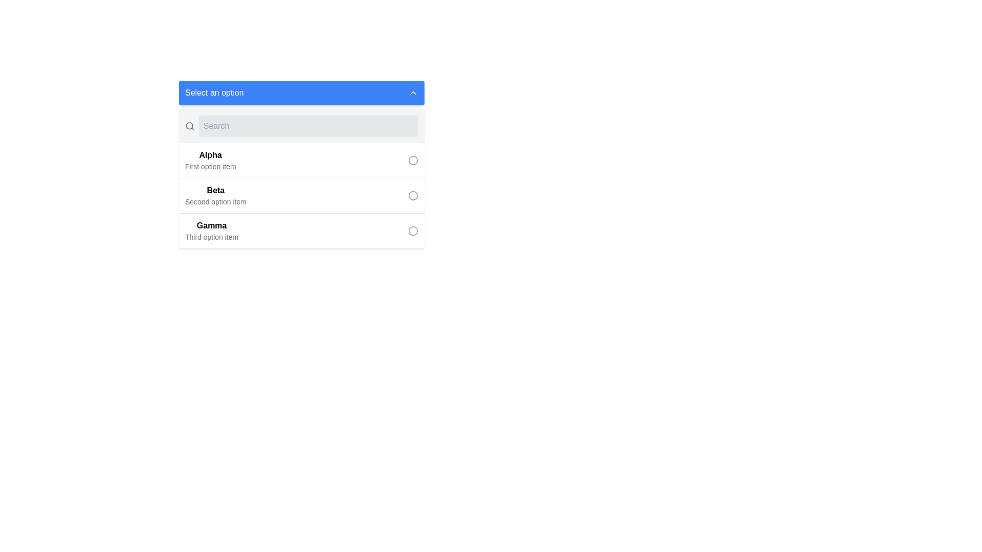  What do you see at coordinates (413, 195) in the screenshot?
I see `the SVG Circle Indicator located to the right of the 'Beta' list item in the second row of the dropdown options` at bounding box center [413, 195].